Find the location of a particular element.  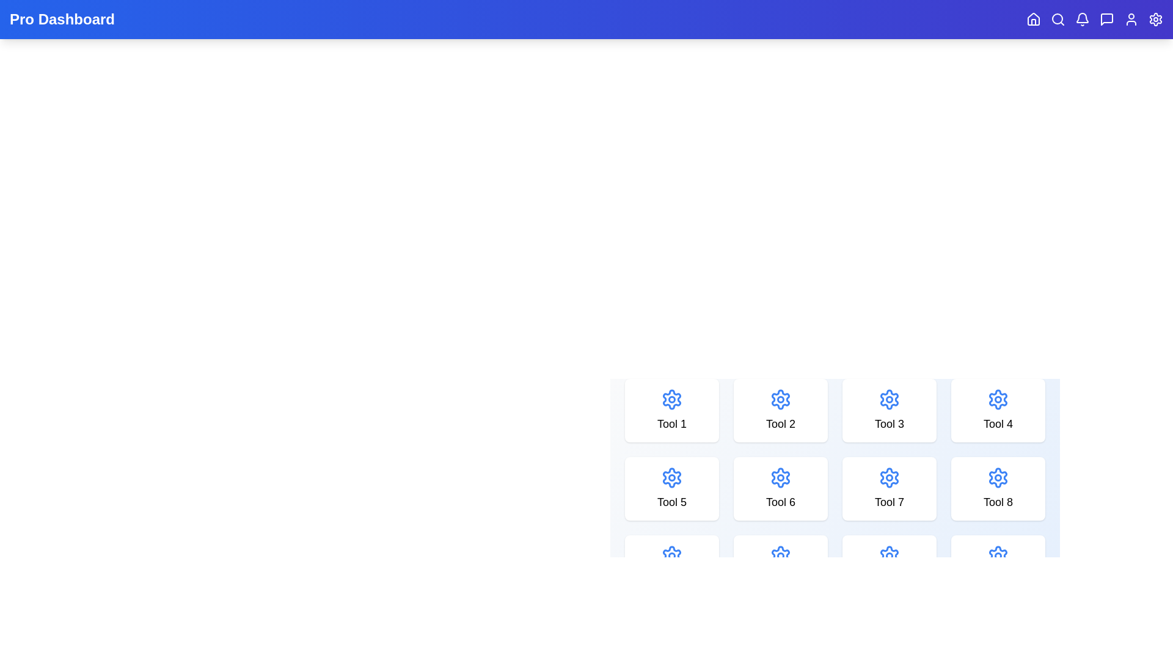

the Settings navigation icon in the header is located at coordinates (1155, 19).